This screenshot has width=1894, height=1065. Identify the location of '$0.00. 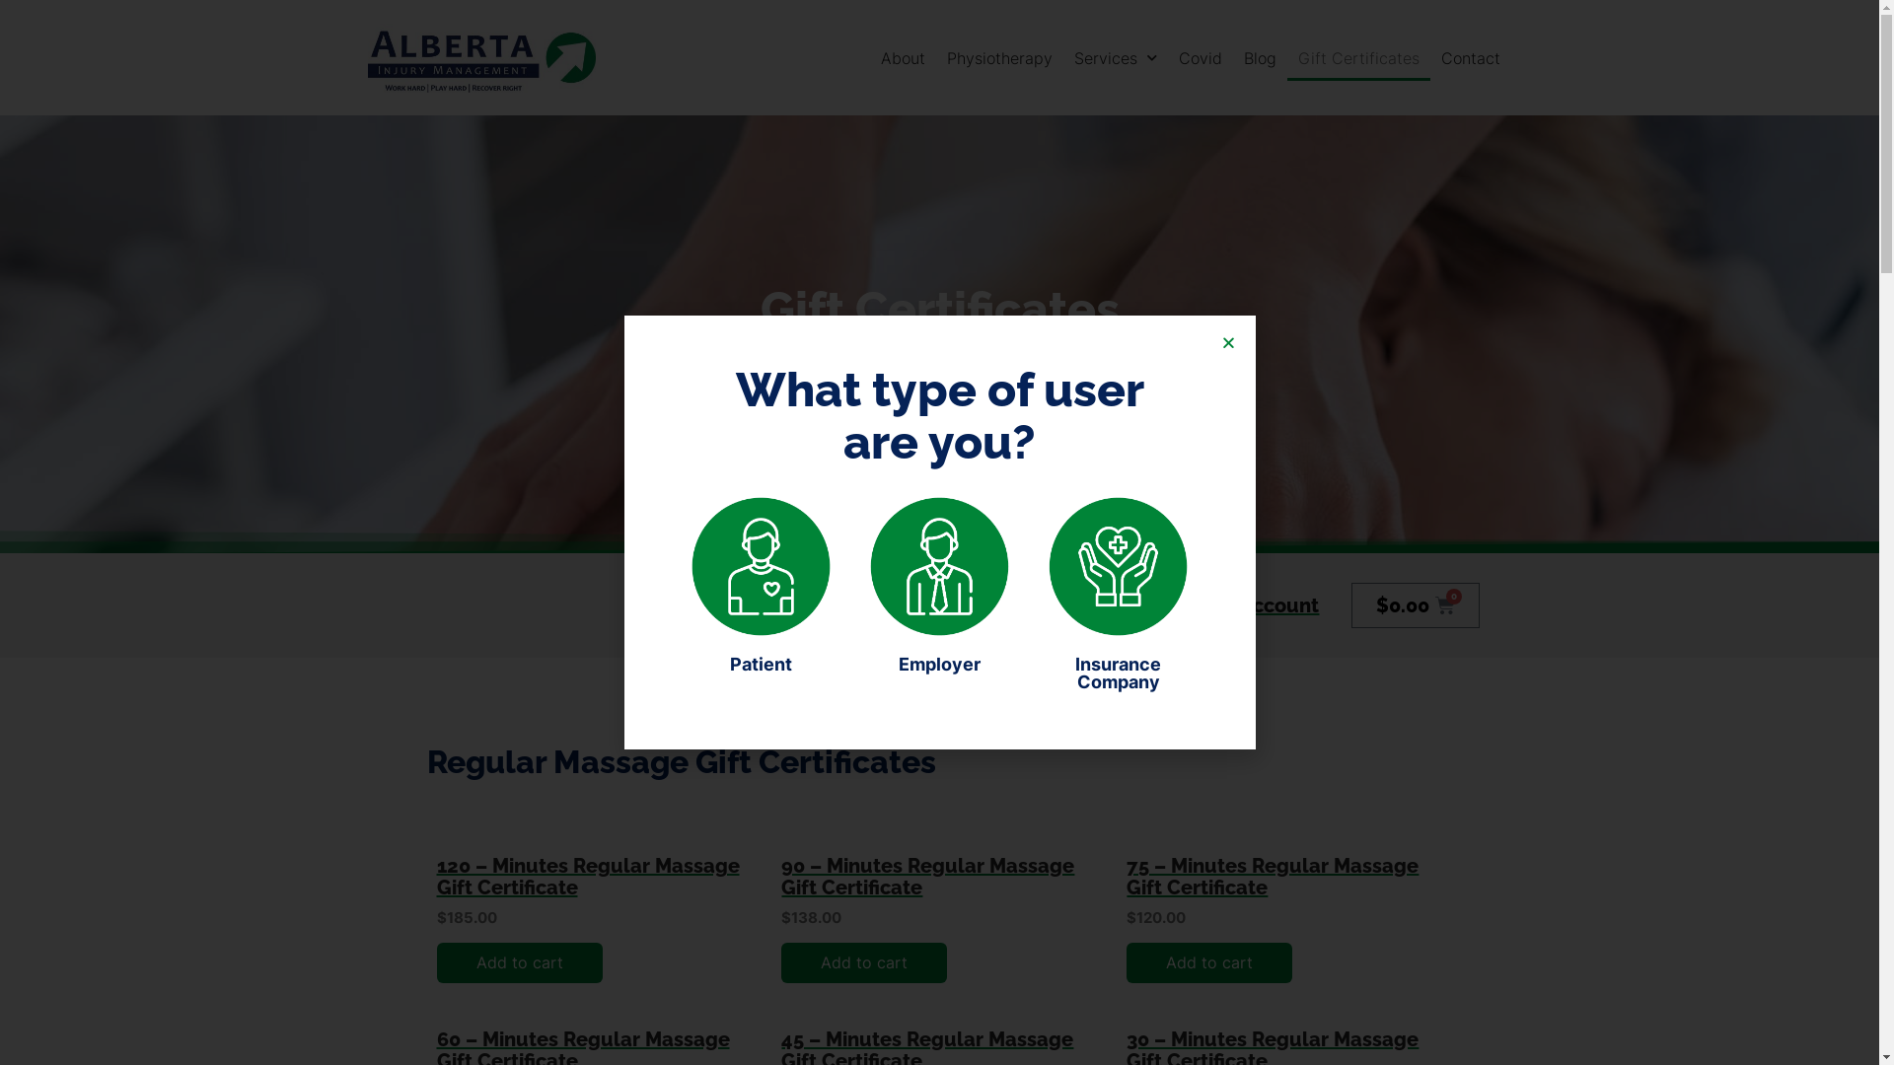
(1349, 603).